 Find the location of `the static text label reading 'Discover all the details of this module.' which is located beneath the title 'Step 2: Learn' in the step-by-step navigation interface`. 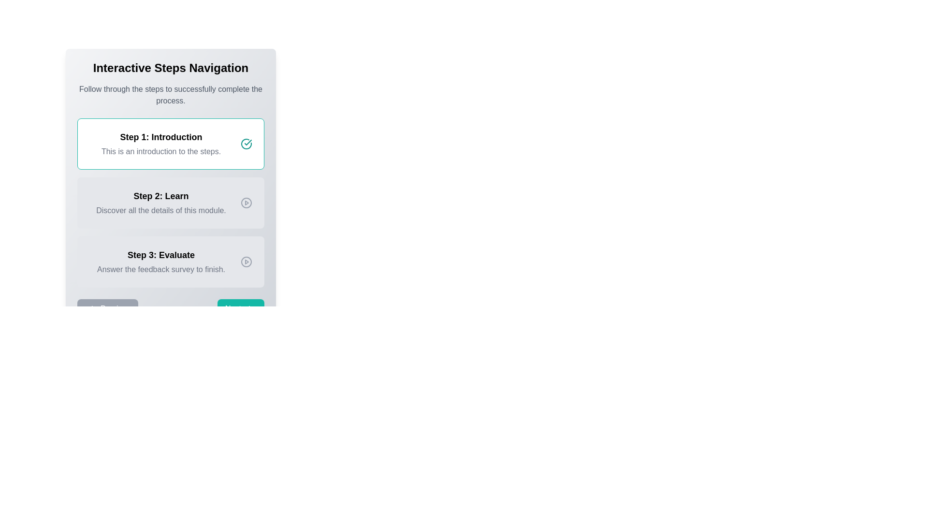

the static text label reading 'Discover all the details of this module.' which is located beneath the title 'Step 2: Learn' in the step-by-step navigation interface is located at coordinates (161, 210).